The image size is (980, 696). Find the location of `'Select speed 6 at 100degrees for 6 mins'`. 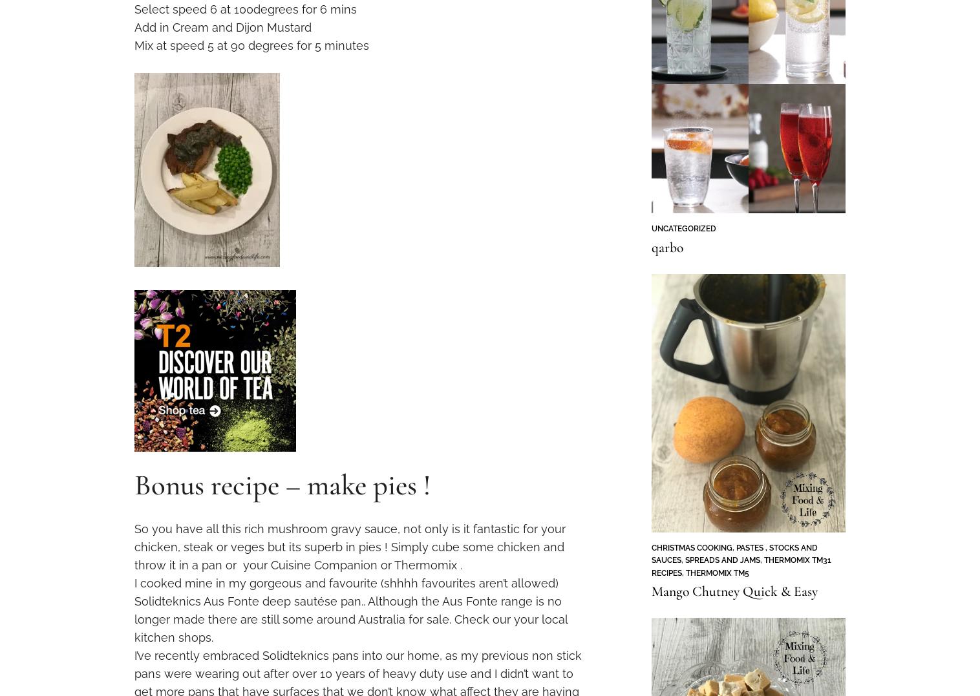

'Select speed 6 at 100degrees for 6 mins' is located at coordinates (245, 8).